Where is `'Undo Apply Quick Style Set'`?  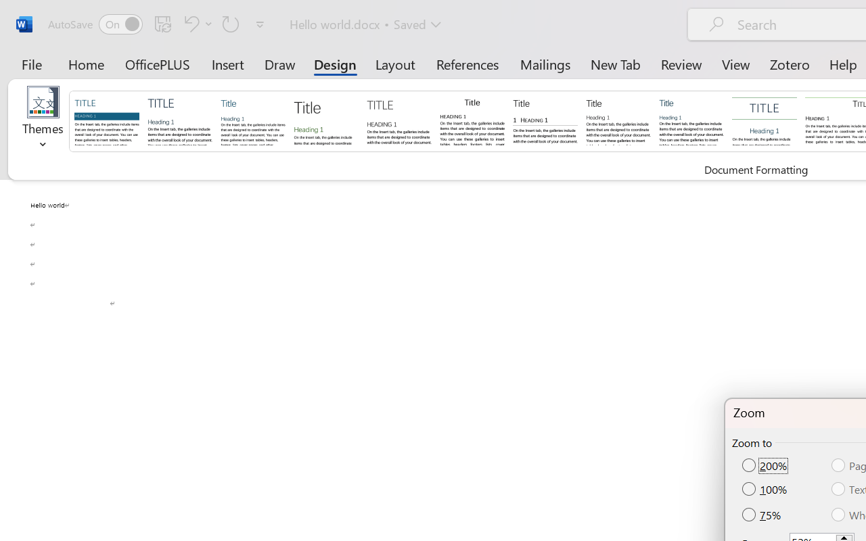 'Undo Apply Quick Style Set' is located at coordinates (189, 23).